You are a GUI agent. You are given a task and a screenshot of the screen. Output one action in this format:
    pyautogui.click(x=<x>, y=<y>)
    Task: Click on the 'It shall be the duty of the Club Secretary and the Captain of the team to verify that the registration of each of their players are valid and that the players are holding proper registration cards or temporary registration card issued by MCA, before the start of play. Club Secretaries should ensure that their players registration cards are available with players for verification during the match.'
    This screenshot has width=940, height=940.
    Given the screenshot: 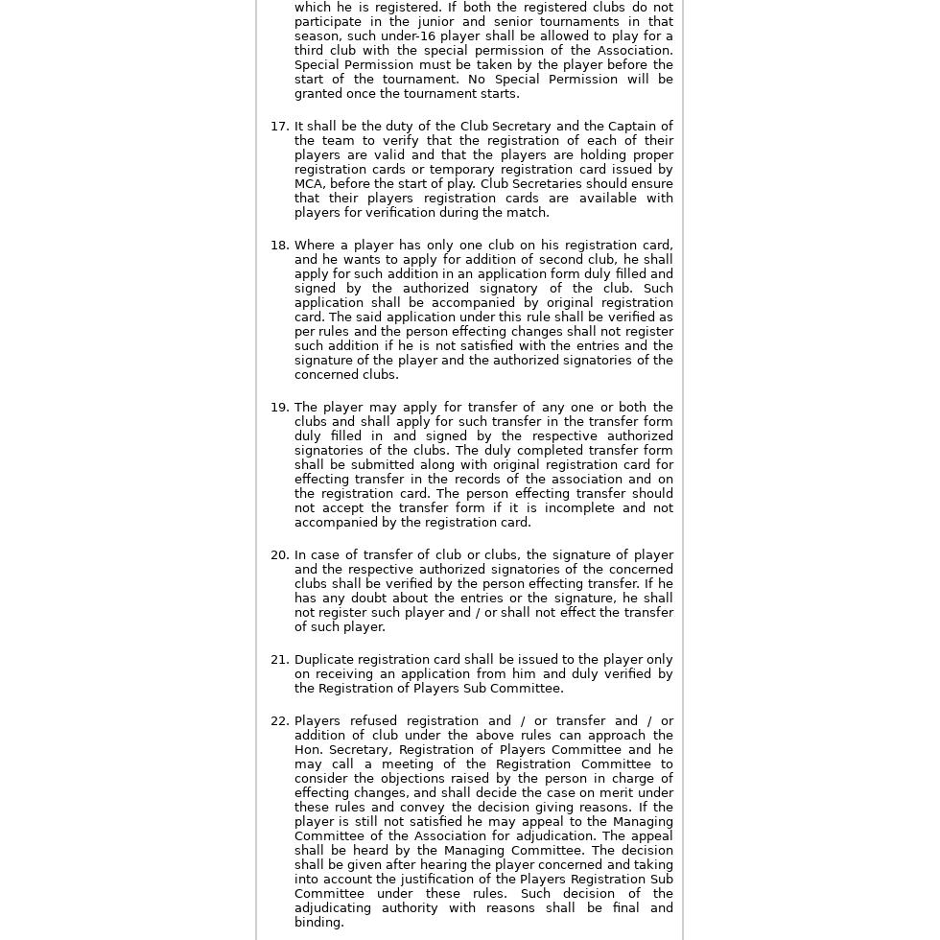 What is the action you would take?
    pyautogui.click(x=482, y=169)
    